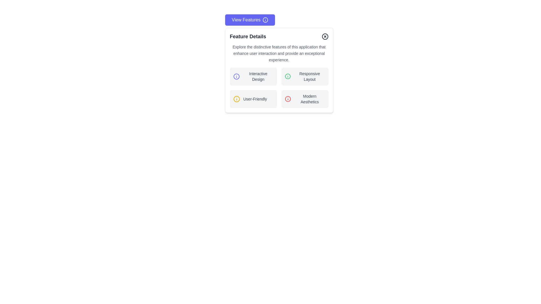 Image resolution: width=541 pixels, height=304 pixels. I want to click on the 'User-Friendly' informational label with icon and text for accessibility navigation, so click(253, 99).